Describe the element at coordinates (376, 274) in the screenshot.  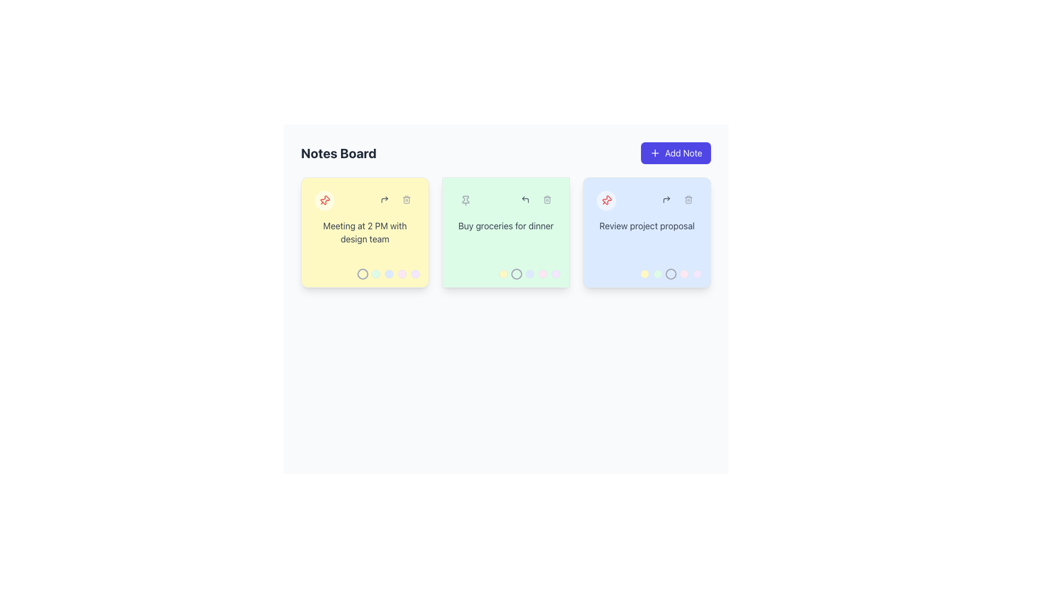
I see `the second circular selectable icon located at the bottom-right corner of the yellow card titled 'Meeting at 2 PM with design team'` at that location.